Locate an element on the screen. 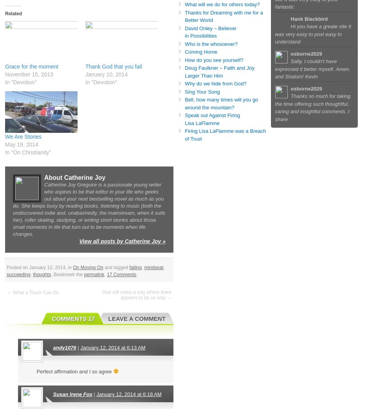 This screenshot has height=409, width=368. 'Doug Faulkner – Faith and Joy Larger Than Him' is located at coordinates (219, 71).